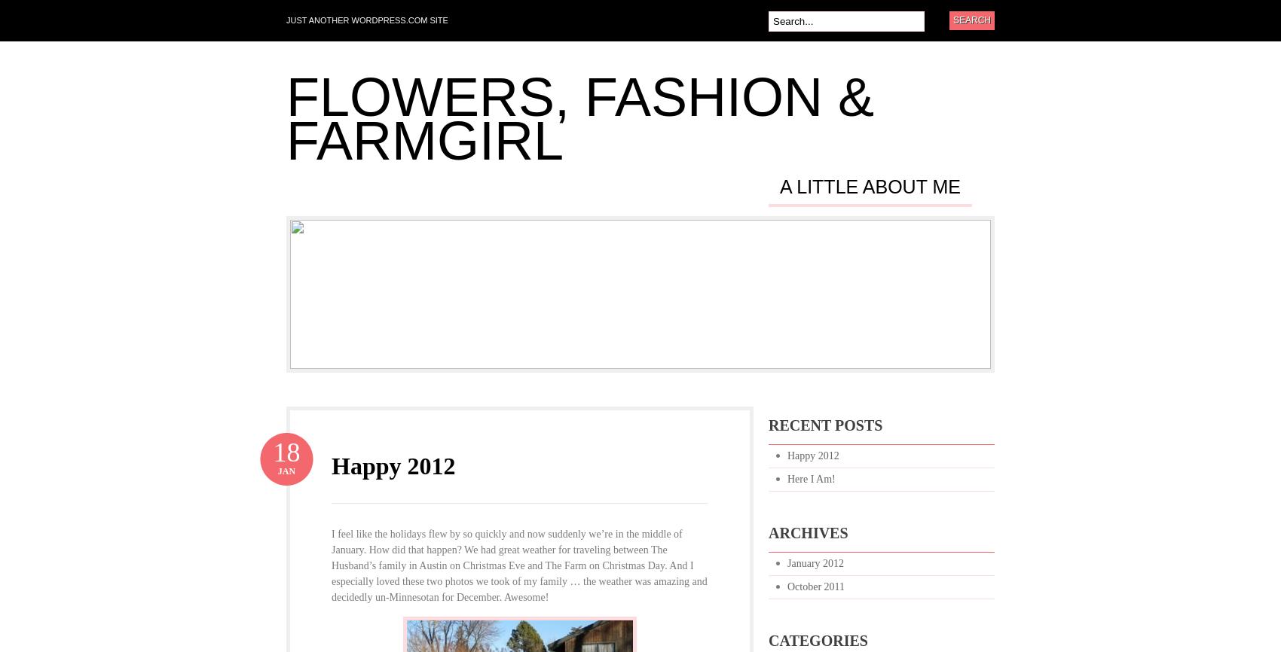 This screenshot has height=652, width=1281. I want to click on 'Categories', so click(818, 640).